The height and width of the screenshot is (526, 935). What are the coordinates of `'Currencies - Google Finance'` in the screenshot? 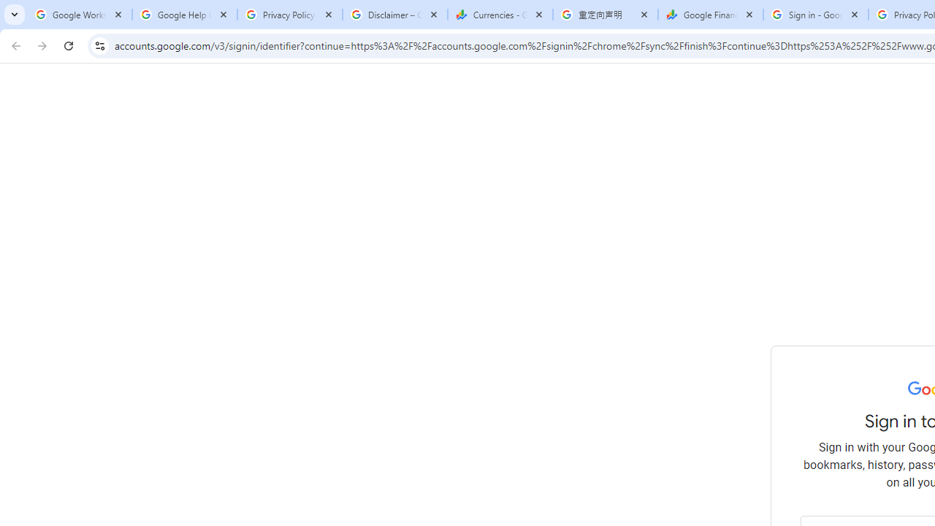 It's located at (500, 15).